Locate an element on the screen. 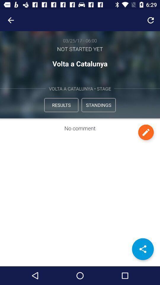  the edit icon is located at coordinates (145, 132).